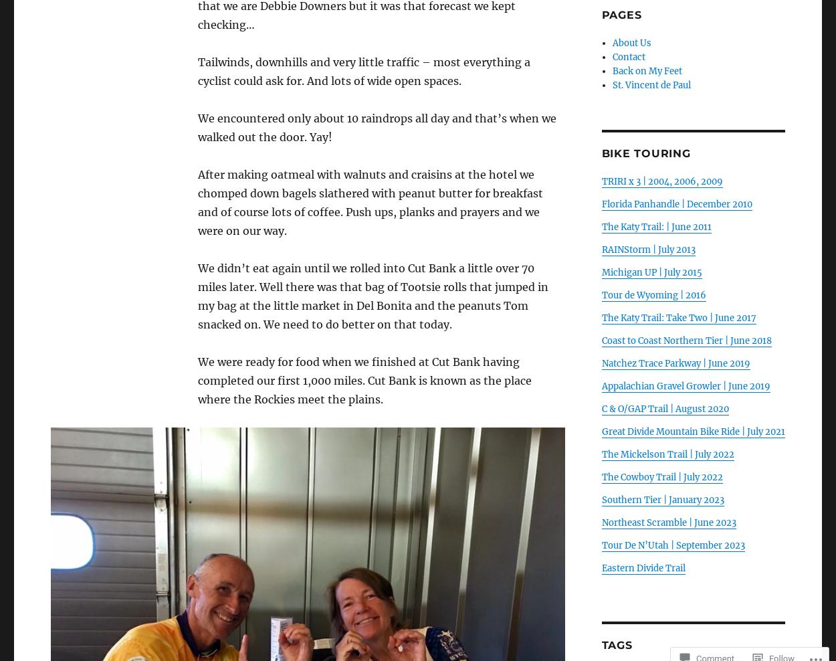  What do you see at coordinates (673, 545) in the screenshot?
I see `'Tour De N’Utah | September 2023'` at bounding box center [673, 545].